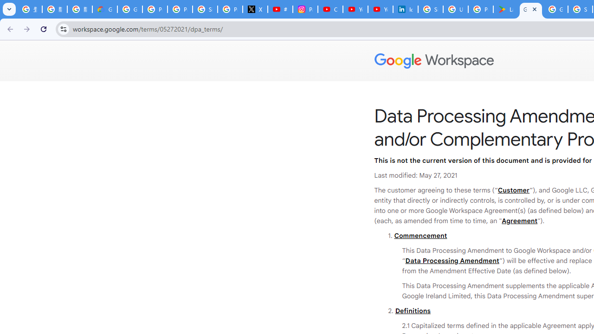  What do you see at coordinates (9, 28) in the screenshot?
I see `'Back'` at bounding box center [9, 28].